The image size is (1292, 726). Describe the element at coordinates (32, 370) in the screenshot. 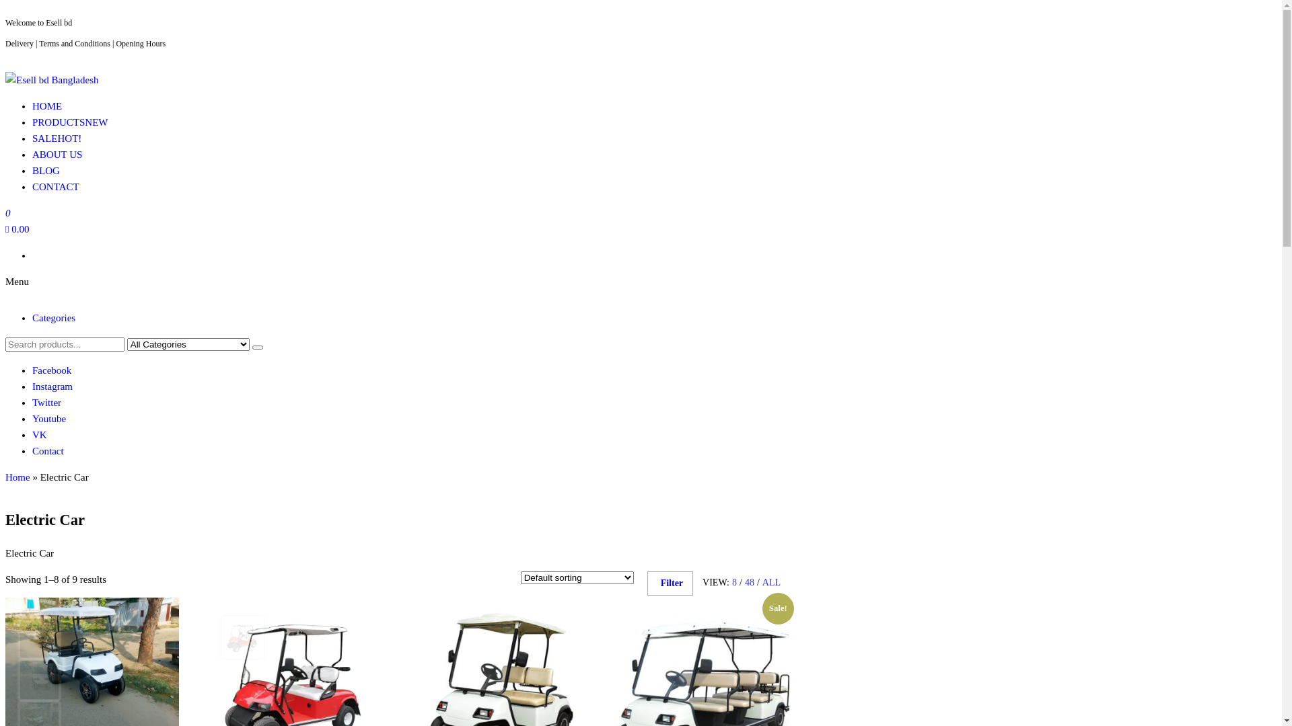

I see `'Facebook'` at that location.